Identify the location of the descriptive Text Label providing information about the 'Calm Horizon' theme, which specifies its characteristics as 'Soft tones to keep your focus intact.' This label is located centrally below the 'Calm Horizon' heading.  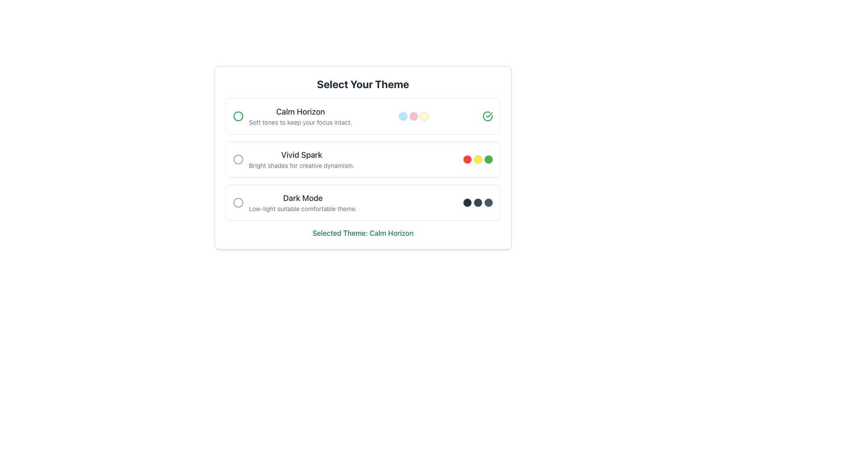
(301, 122).